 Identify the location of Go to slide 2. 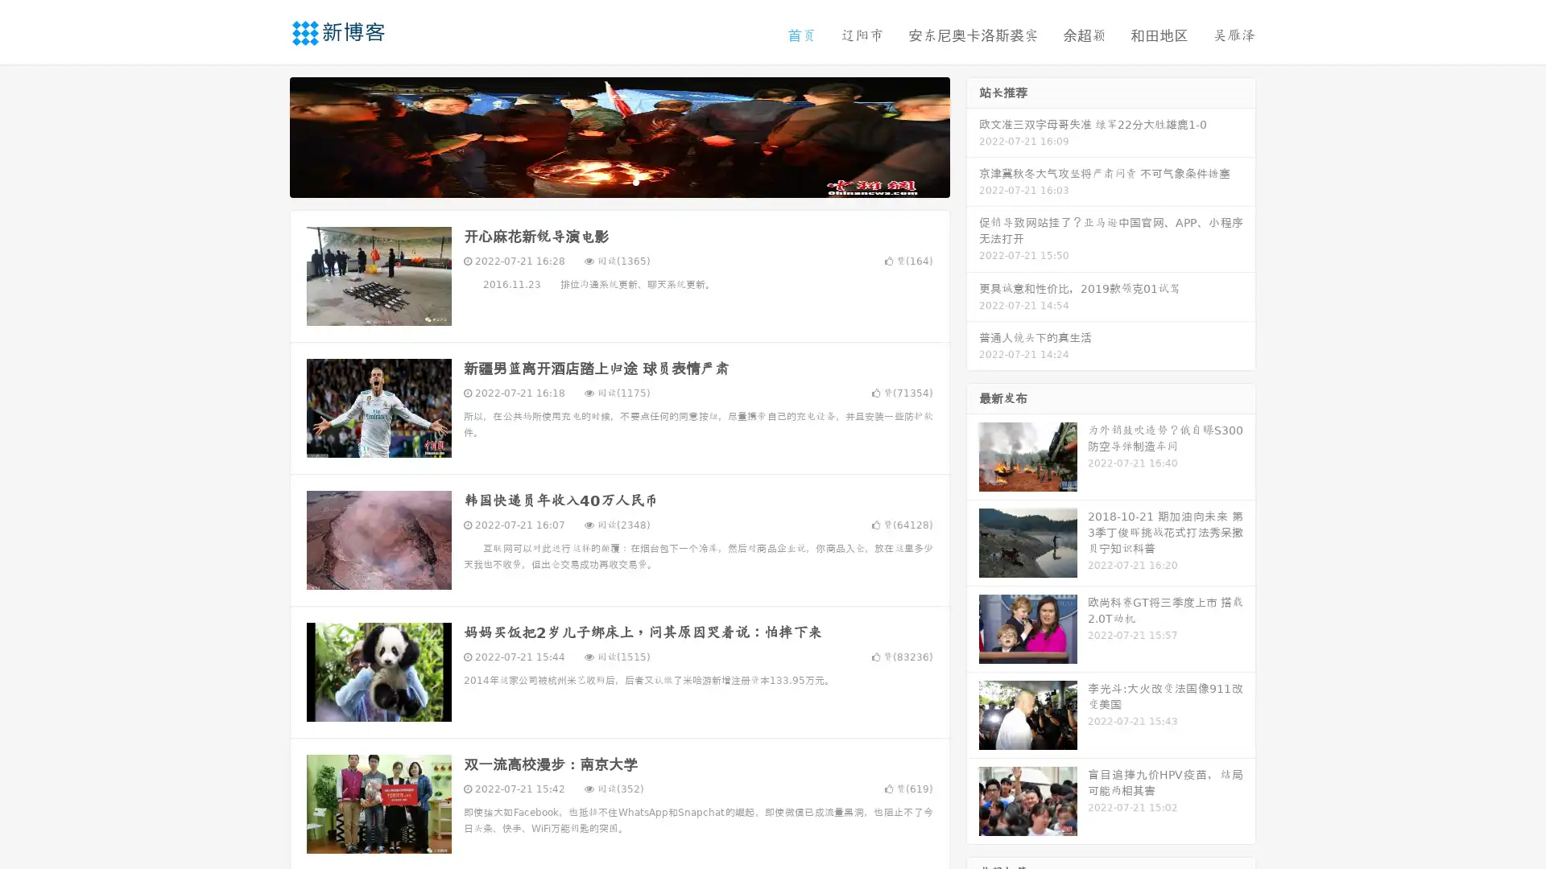
(618, 181).